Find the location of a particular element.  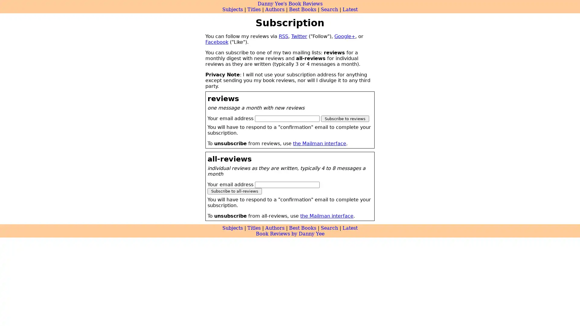

Subscribe to reviews is located at coordinates (345, 118).